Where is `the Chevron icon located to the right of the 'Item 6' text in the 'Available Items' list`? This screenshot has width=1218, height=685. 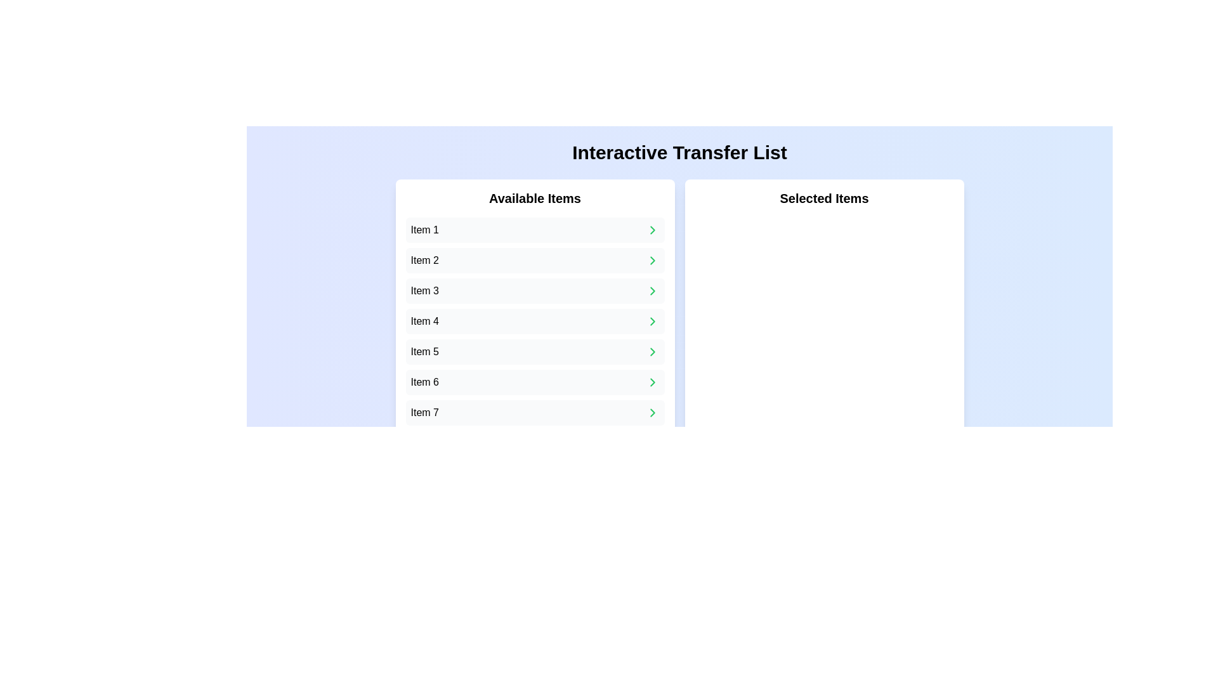 the Chevron icon located to the right of the 'Item 6' text in the 'Available Items' list is located at coordinates (652, 381).